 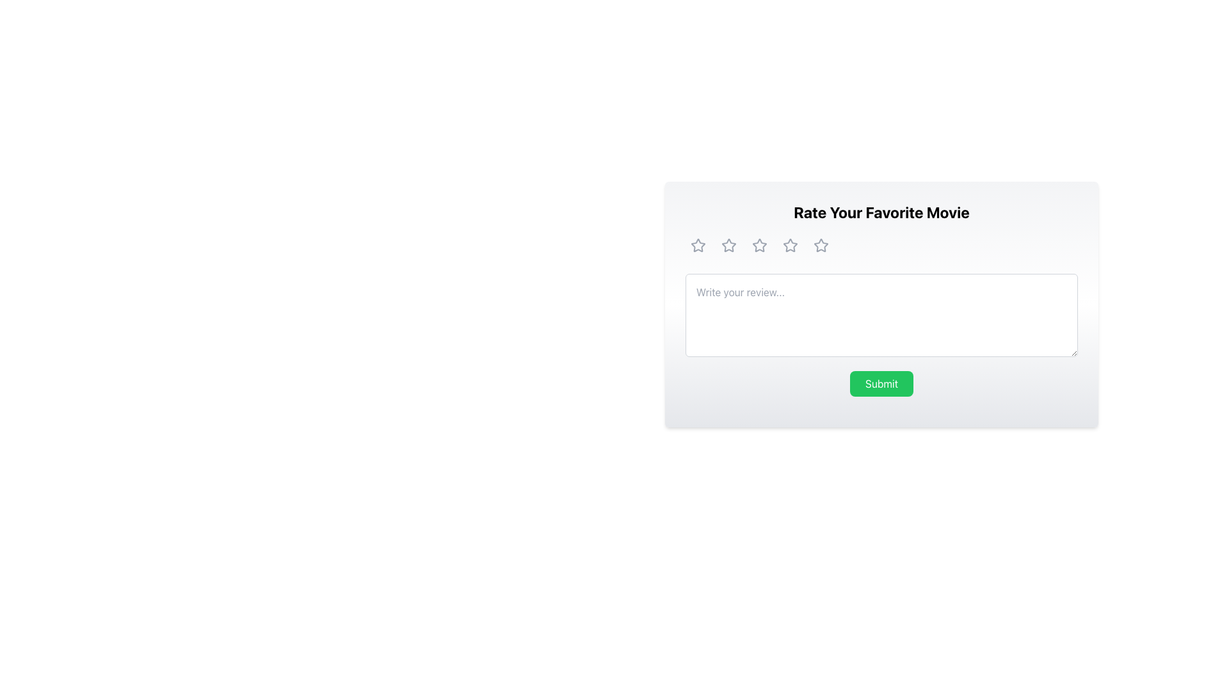 I want to click on the third star icon in the rating system, so click(x=789, y=244).